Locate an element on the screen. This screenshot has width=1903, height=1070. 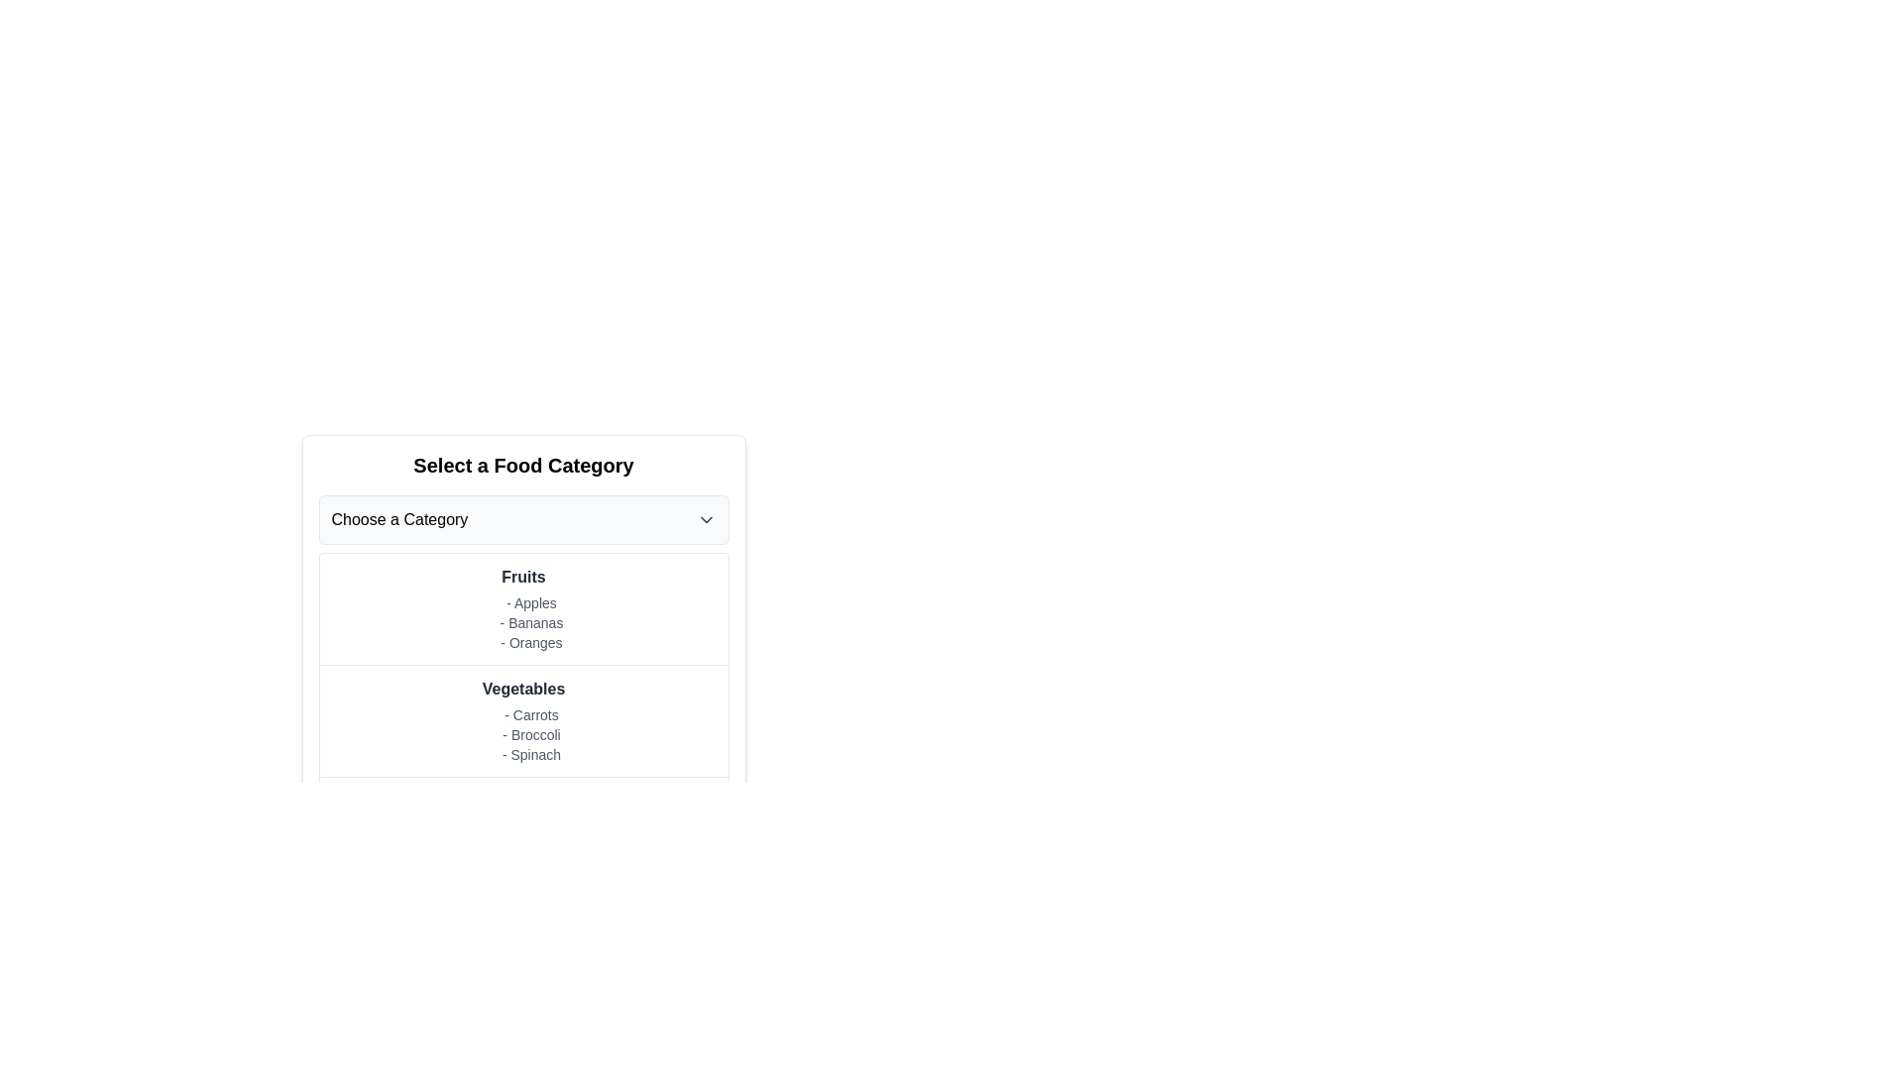
the text label that serves as a header for the fruit category, positioned centrally under 'Select a Food Category' is located at coordinates (523, 577).